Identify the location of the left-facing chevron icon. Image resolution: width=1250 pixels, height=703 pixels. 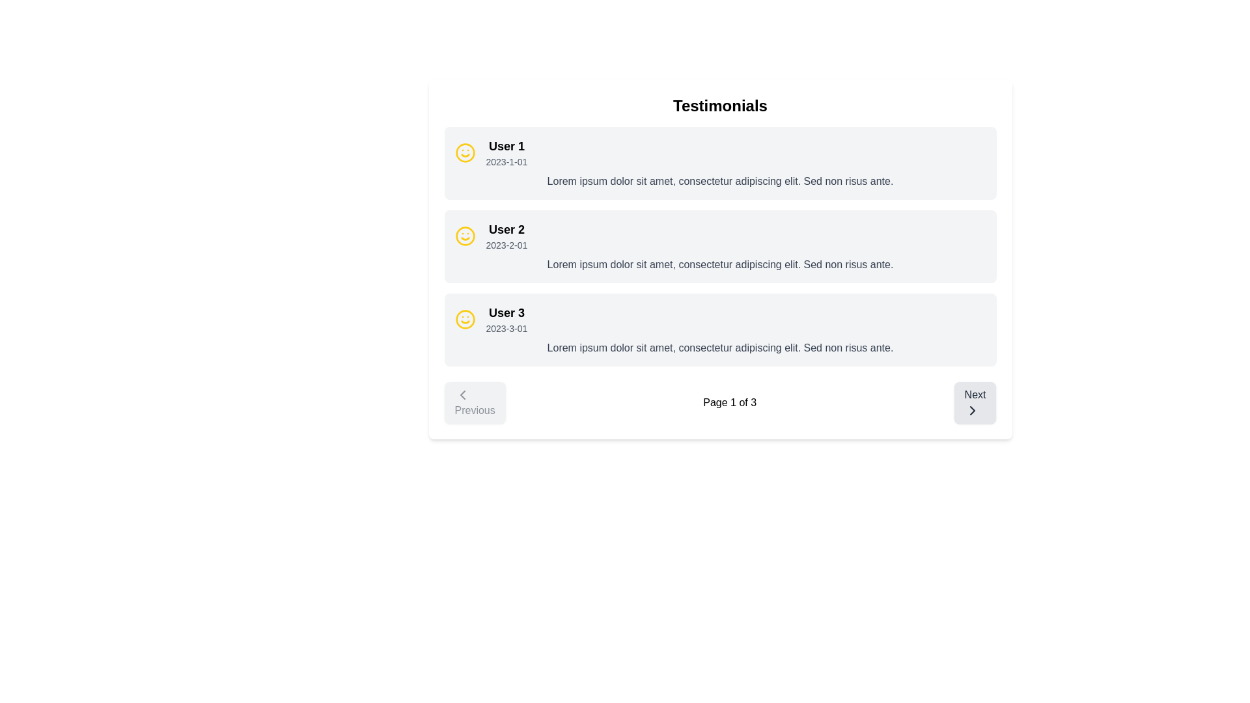
(462, 394).